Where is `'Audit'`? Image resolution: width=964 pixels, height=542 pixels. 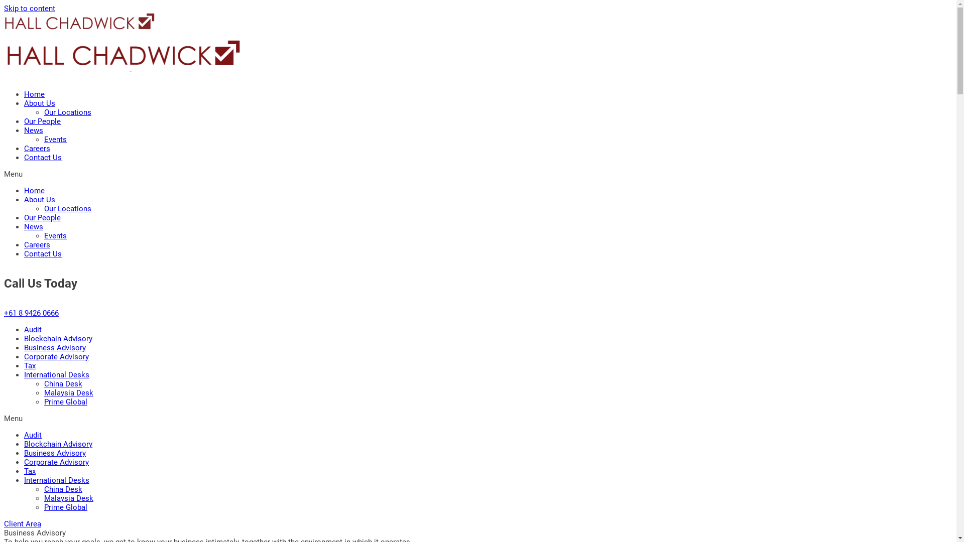 'Audit' is located at coordinates (33, 329).